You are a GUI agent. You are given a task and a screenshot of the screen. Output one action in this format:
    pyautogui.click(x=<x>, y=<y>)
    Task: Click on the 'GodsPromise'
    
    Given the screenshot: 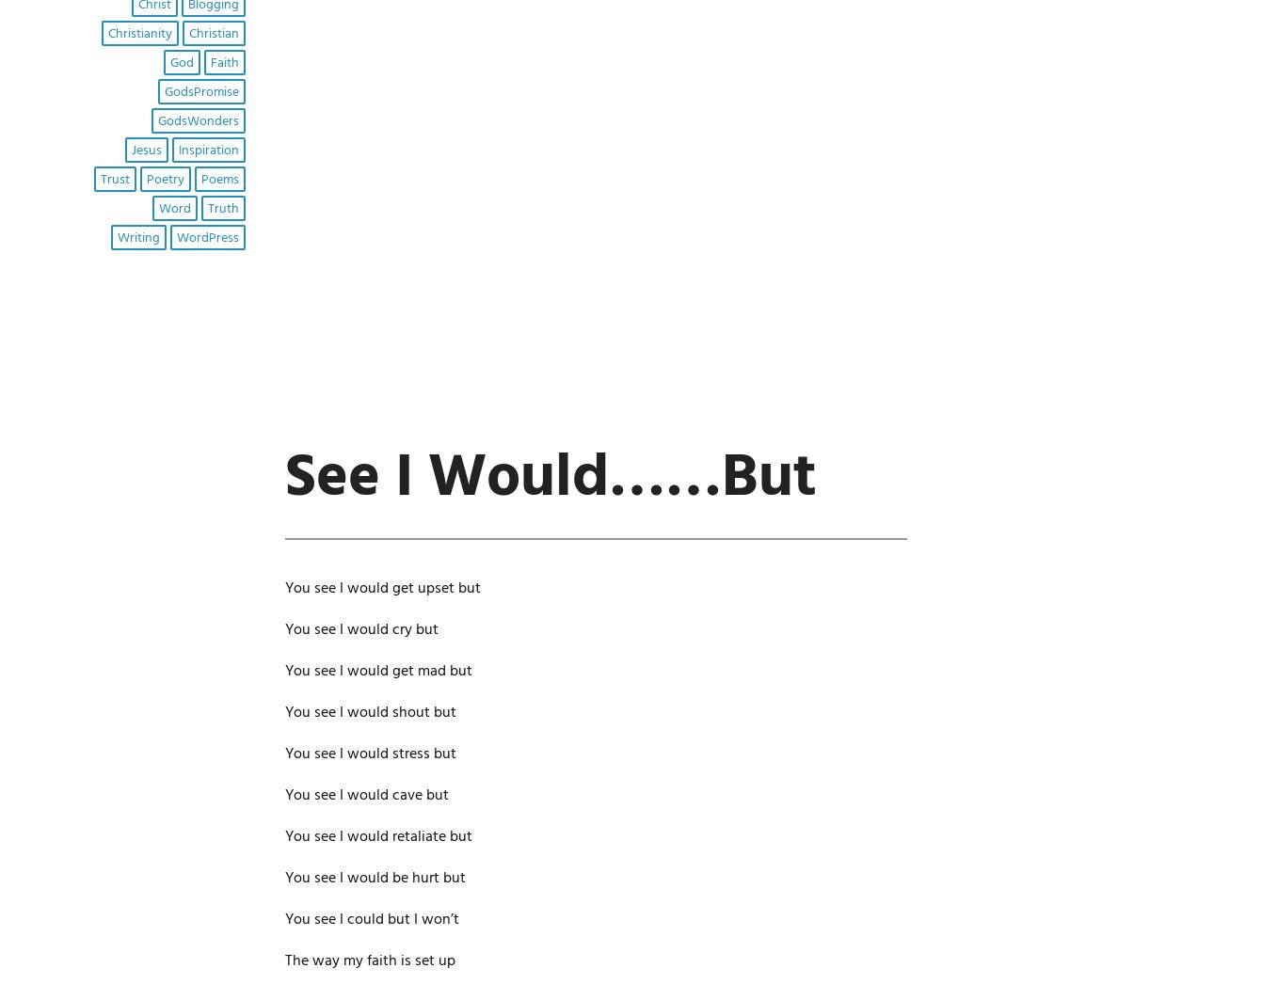 What is the action you would take?
    pyautogui.click(x=163, y=91)
    